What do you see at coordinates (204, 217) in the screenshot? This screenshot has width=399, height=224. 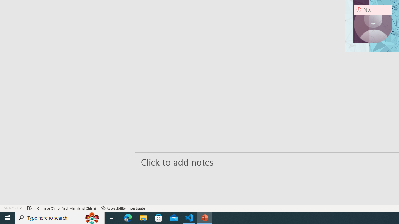 I see `'PowerPoint - 1 running window'` at bounding box center [204, 217].